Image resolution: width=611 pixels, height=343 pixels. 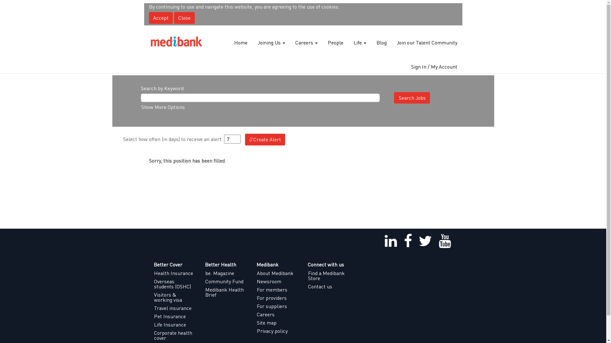 I want to click on 'Health Insurance', so click(x=153, y=273).